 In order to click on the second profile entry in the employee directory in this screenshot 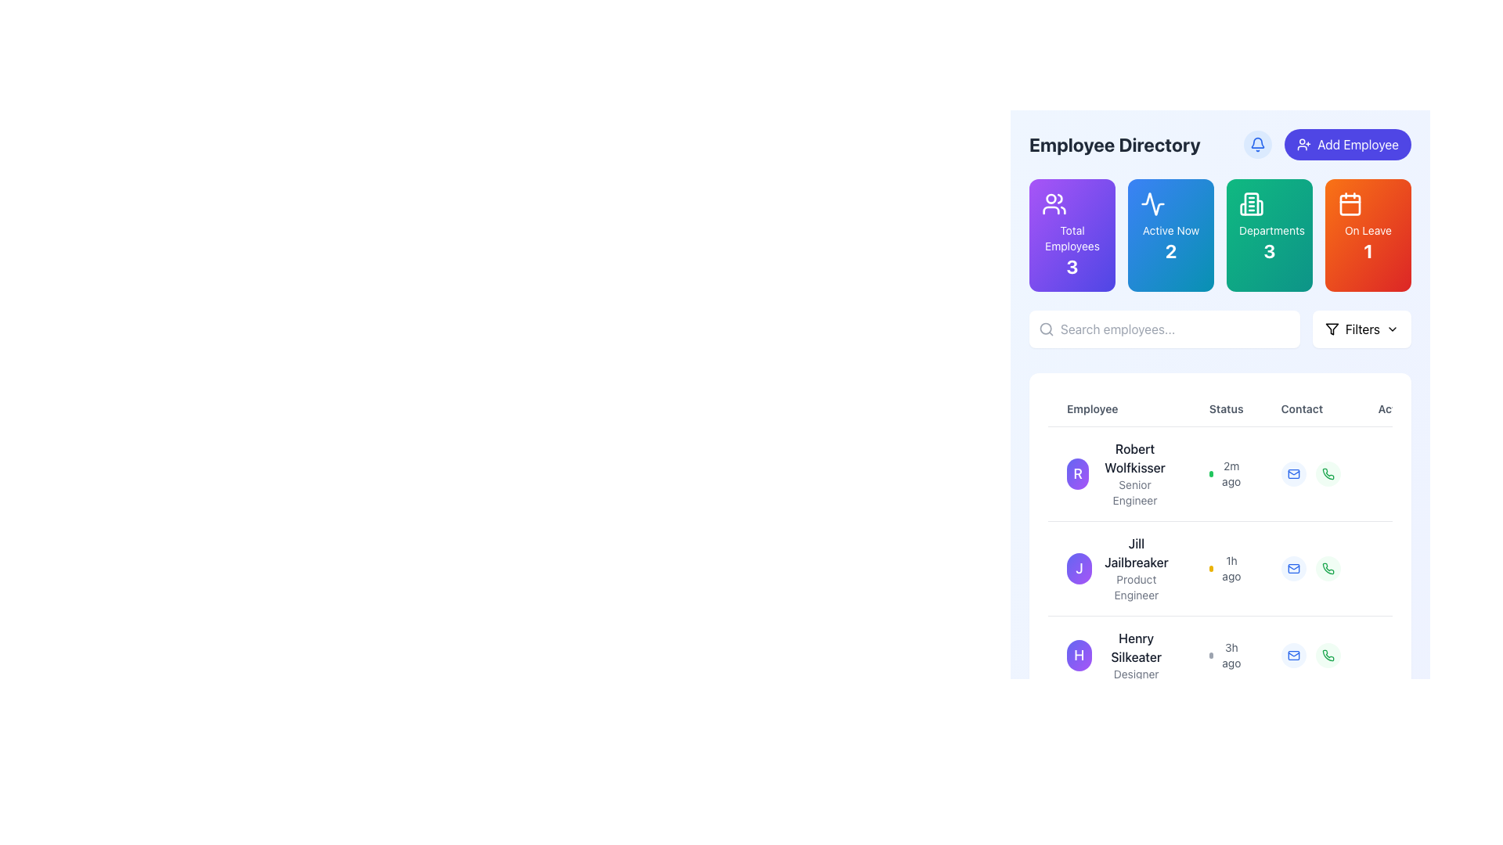, I will do `click(1242, 568)`.